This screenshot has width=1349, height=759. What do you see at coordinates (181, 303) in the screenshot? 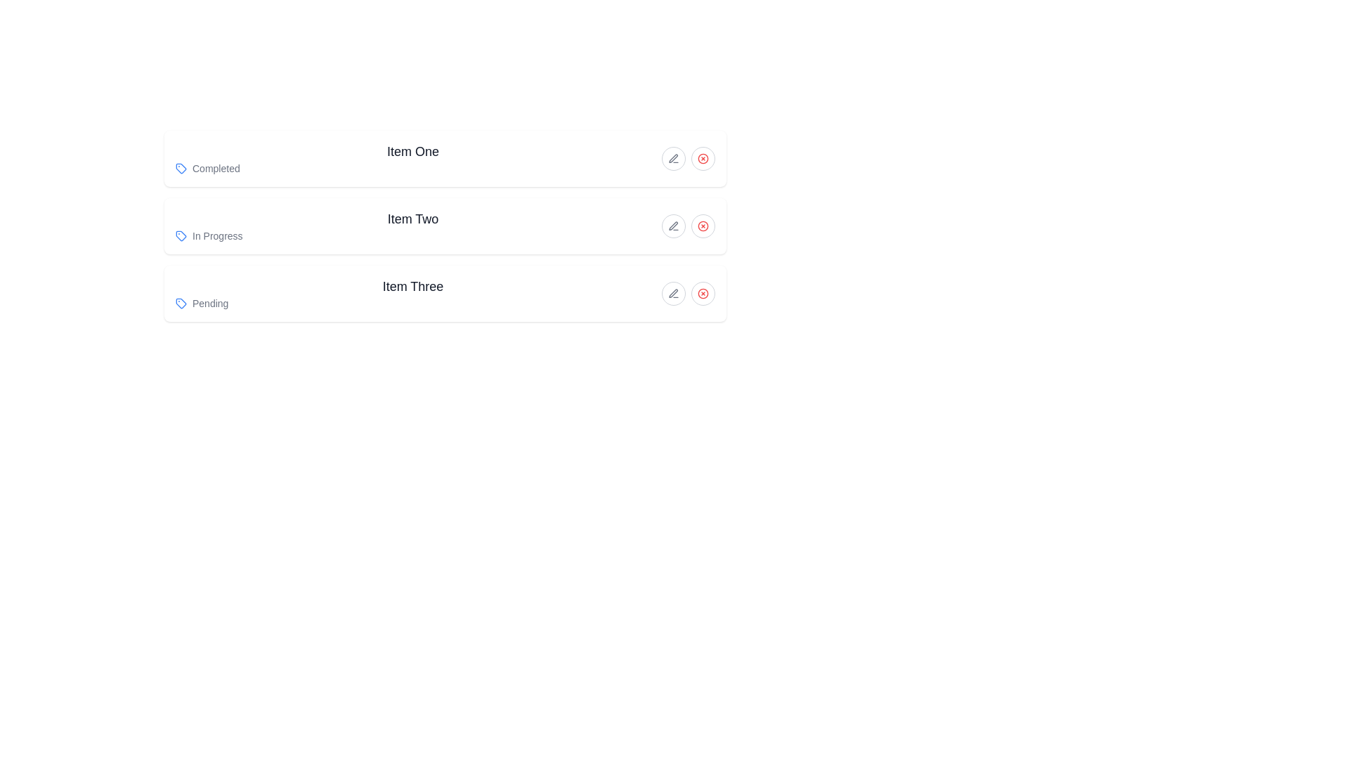
I see `the small tag icon with a blue outline located to the left of the 'Pending' label in the third row of the list` at bounding box center [181, 303].